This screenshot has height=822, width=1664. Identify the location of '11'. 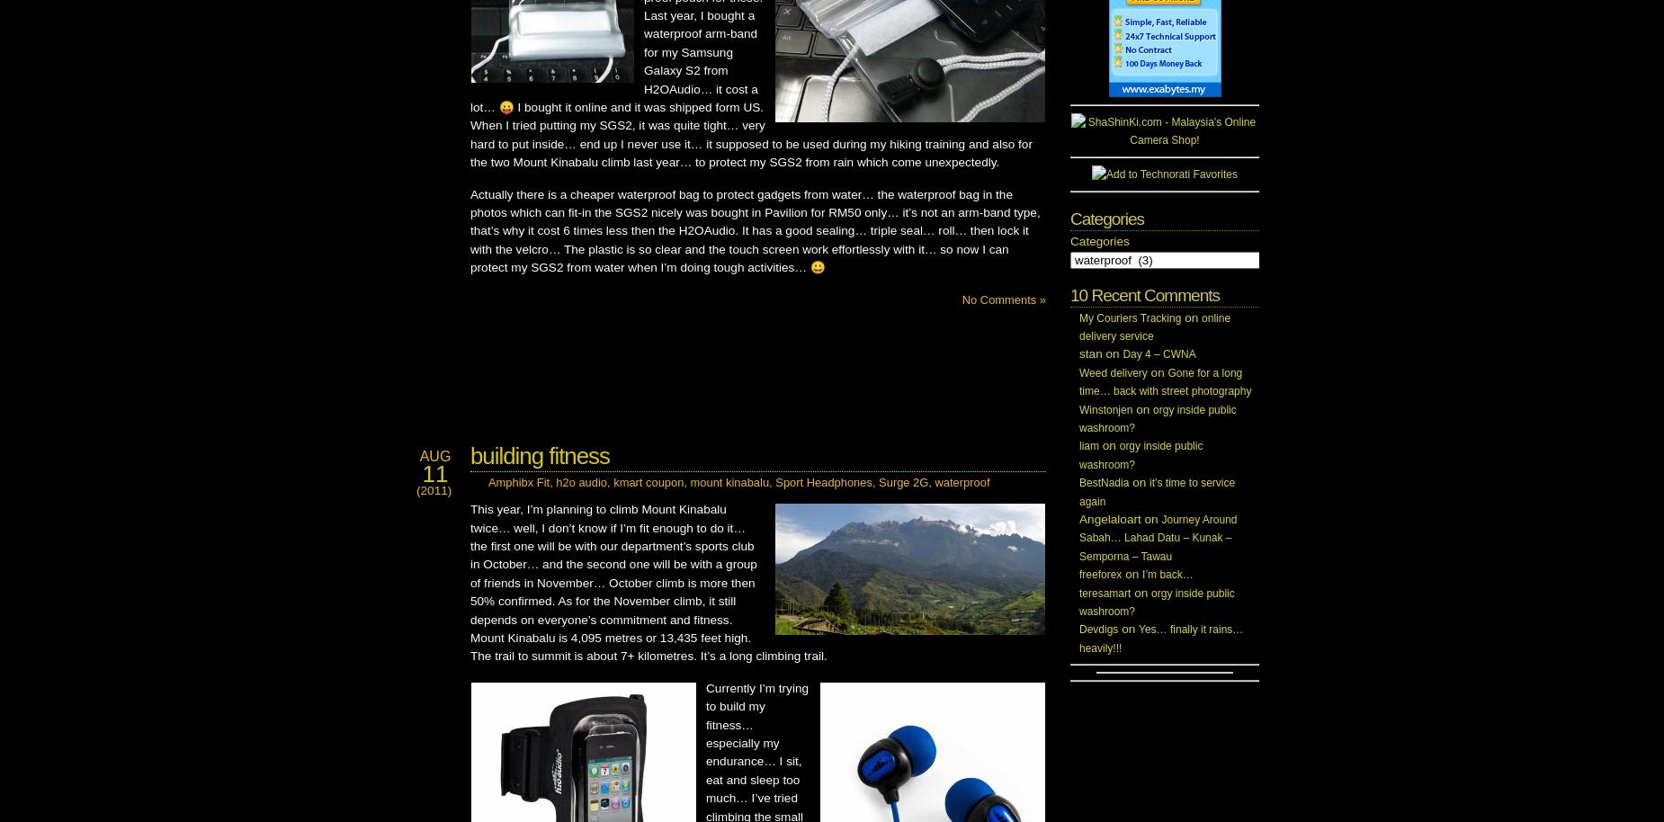
(434, 473).